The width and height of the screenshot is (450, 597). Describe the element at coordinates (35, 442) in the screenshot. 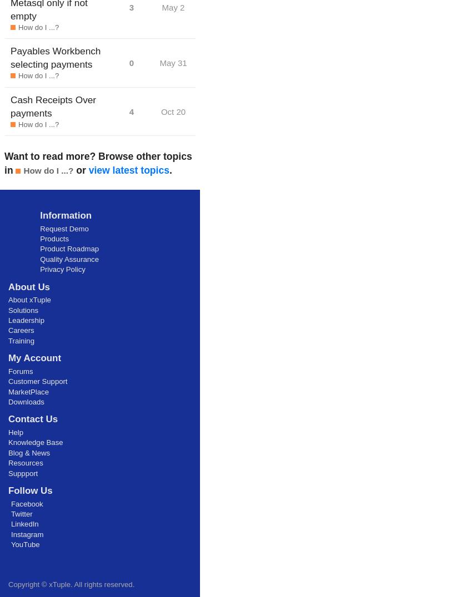

I see `'Knowledge Base'` at that location.